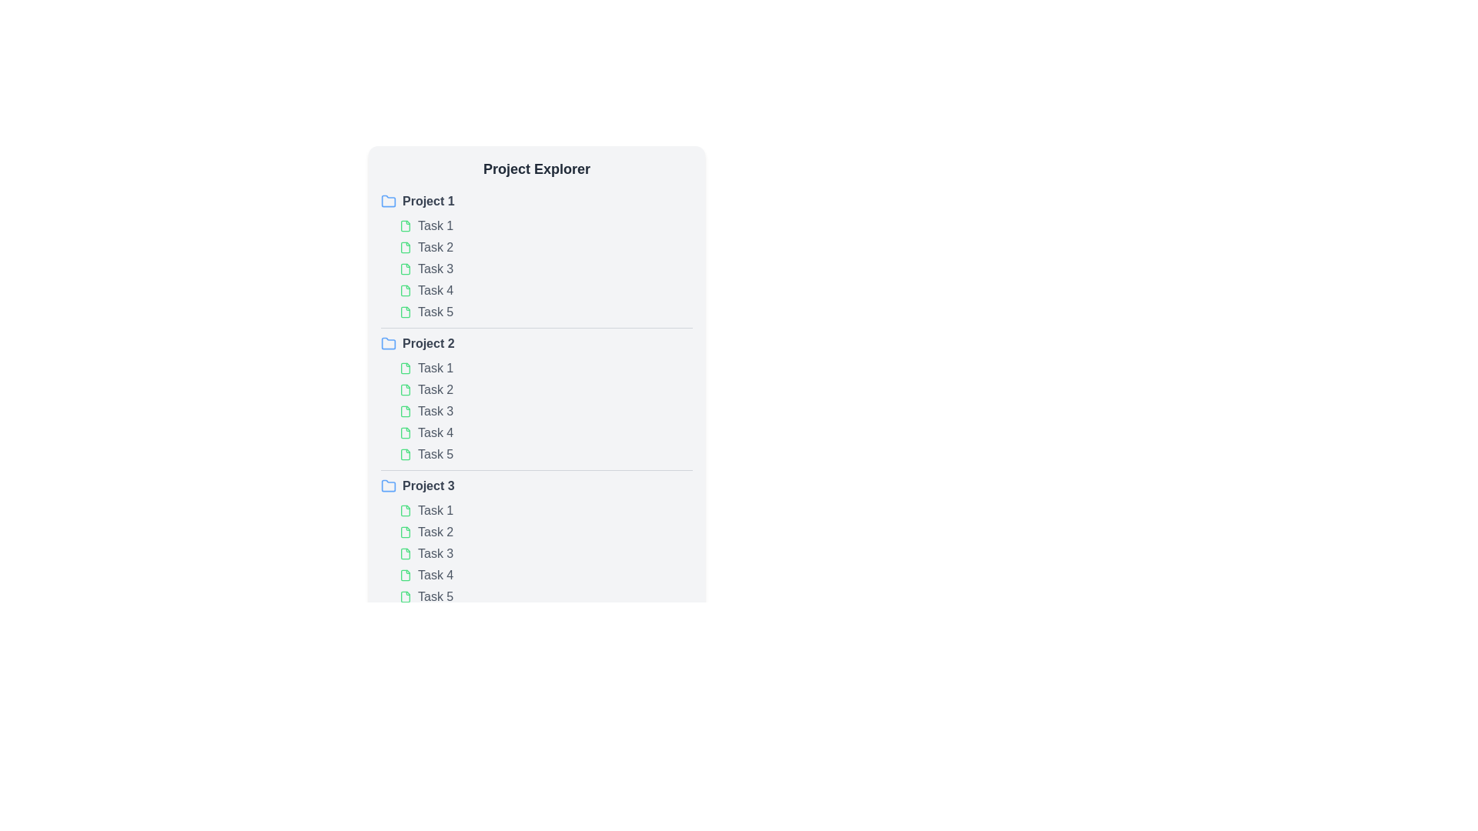  I want to click on the document icon in the project explorer under 'Project 1', so click(406, 269).